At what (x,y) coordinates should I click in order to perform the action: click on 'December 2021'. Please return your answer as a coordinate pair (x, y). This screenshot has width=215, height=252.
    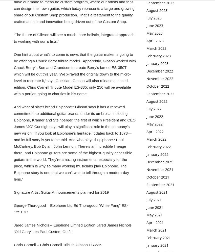
    Looking at the image, I should click on (159, 162).